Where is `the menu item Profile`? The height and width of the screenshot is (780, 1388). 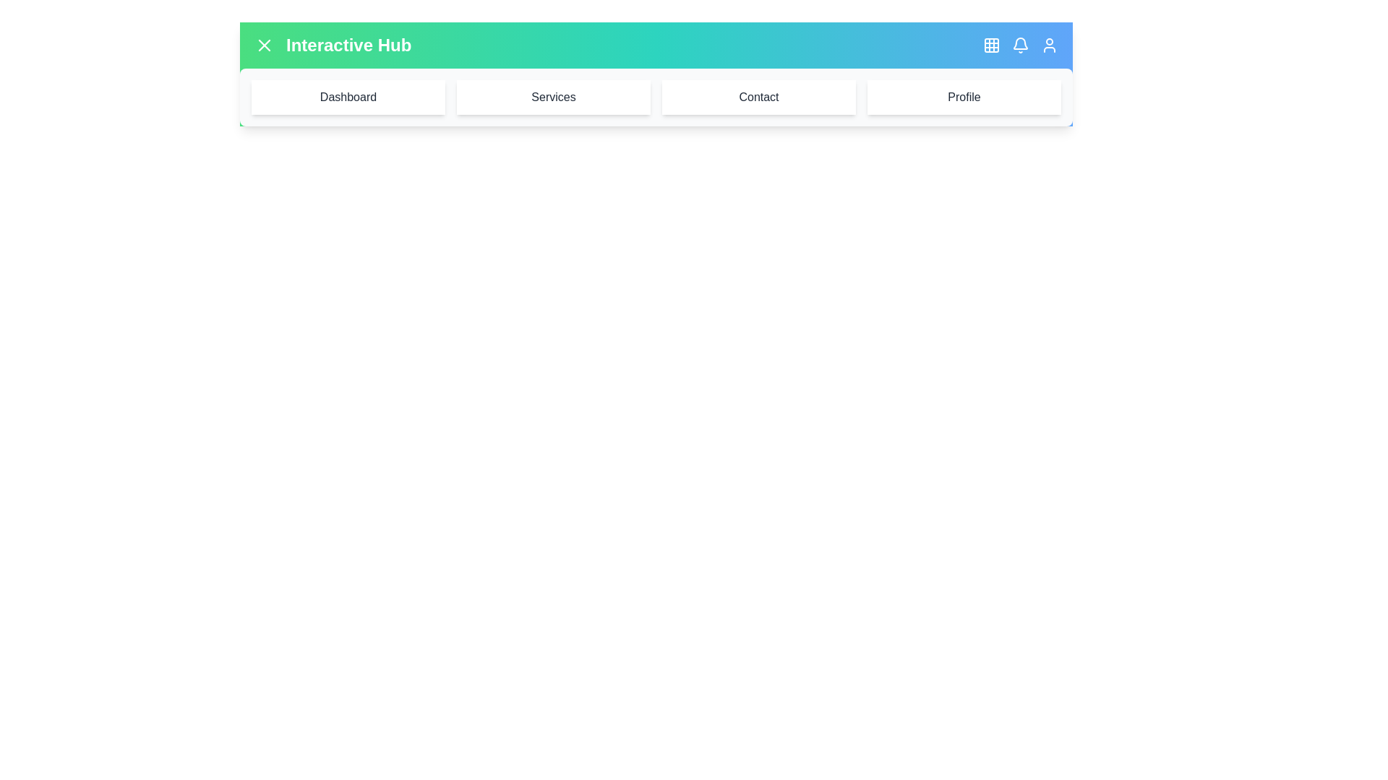 the menu item Profile is located at coordinates (964, 97).